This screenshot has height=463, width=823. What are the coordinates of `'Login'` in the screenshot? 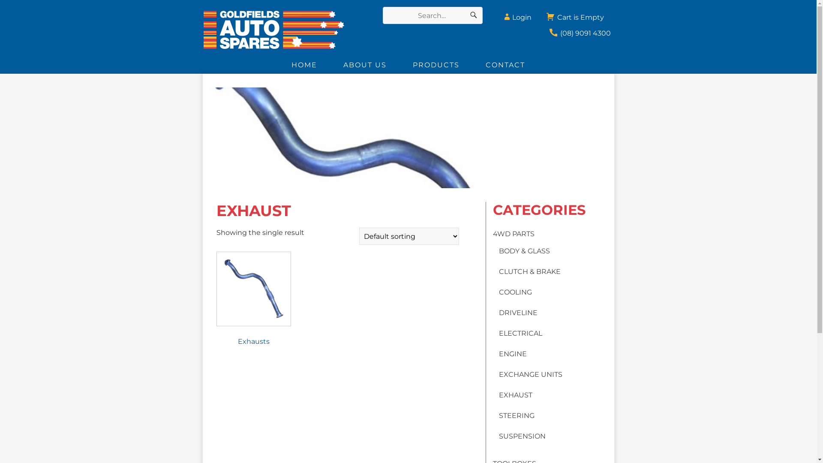 It's located at (516, 15).